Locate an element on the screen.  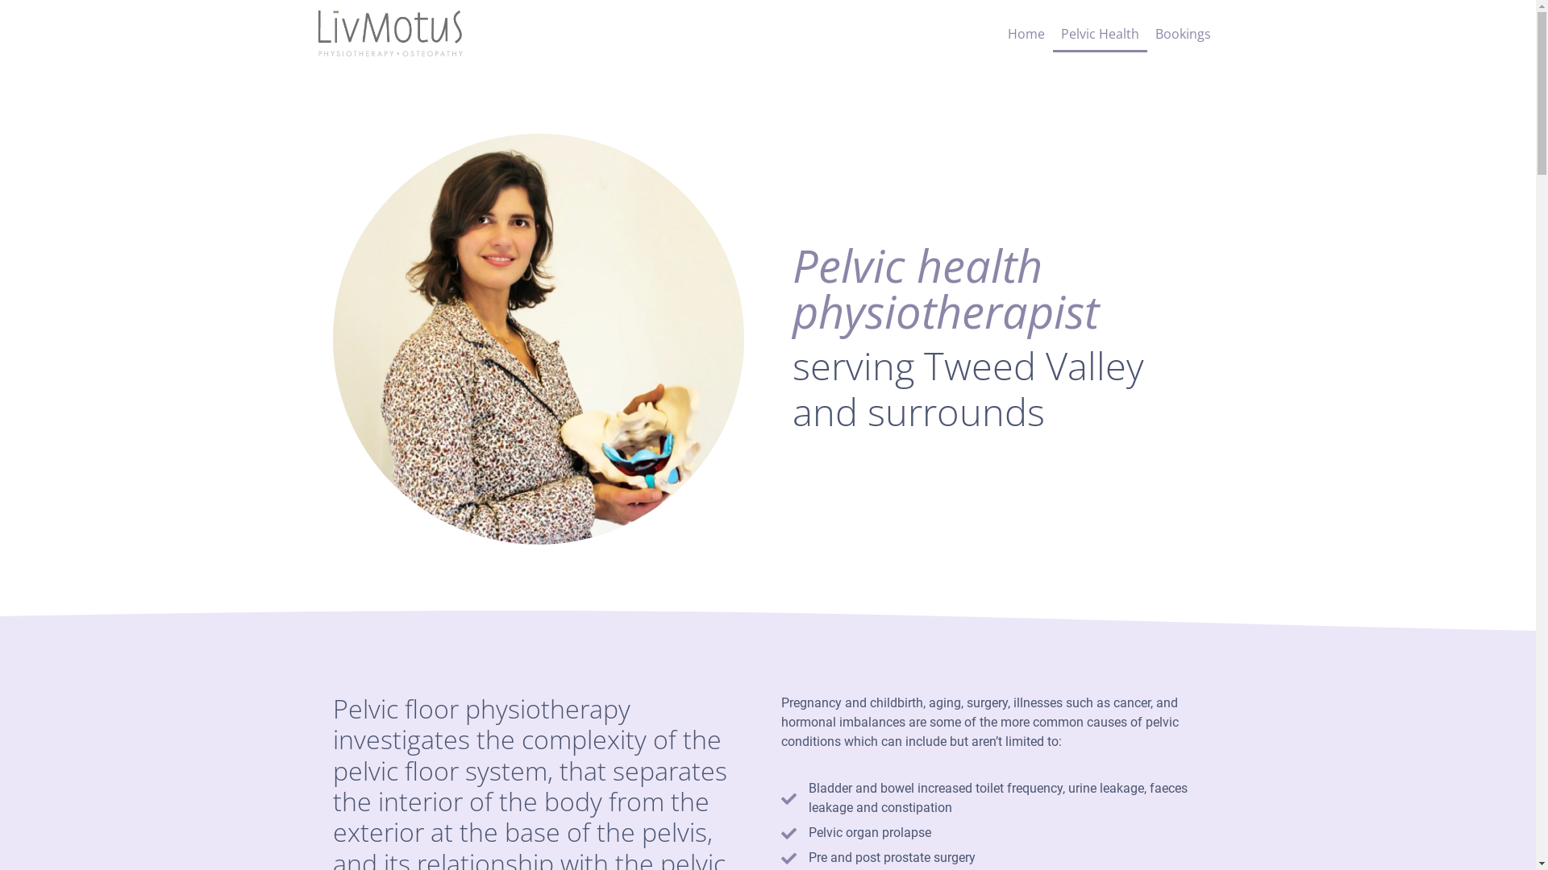
'Home' is located at coordinates (1025, 34).